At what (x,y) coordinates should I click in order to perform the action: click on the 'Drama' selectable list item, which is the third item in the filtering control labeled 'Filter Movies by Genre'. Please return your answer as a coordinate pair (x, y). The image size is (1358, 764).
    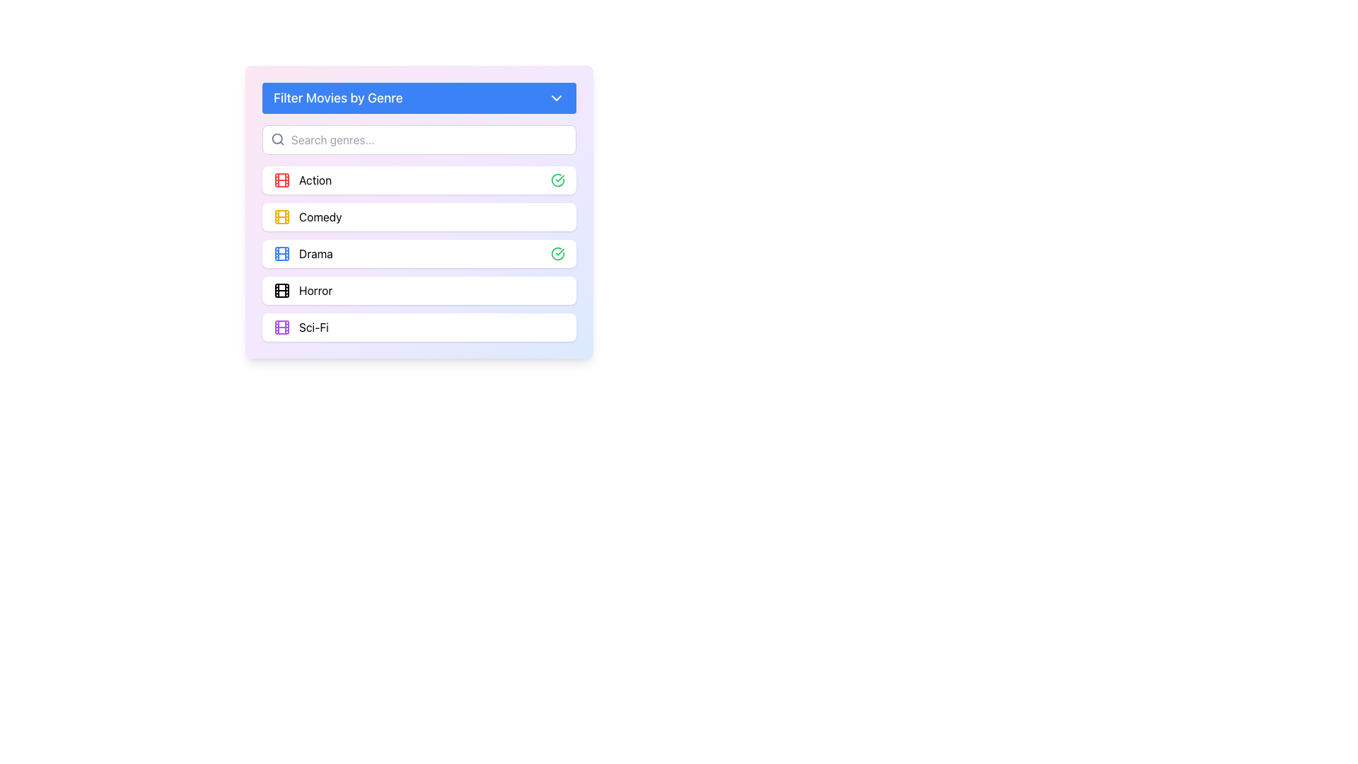
    Looking at the image, I should click on (419, 253).